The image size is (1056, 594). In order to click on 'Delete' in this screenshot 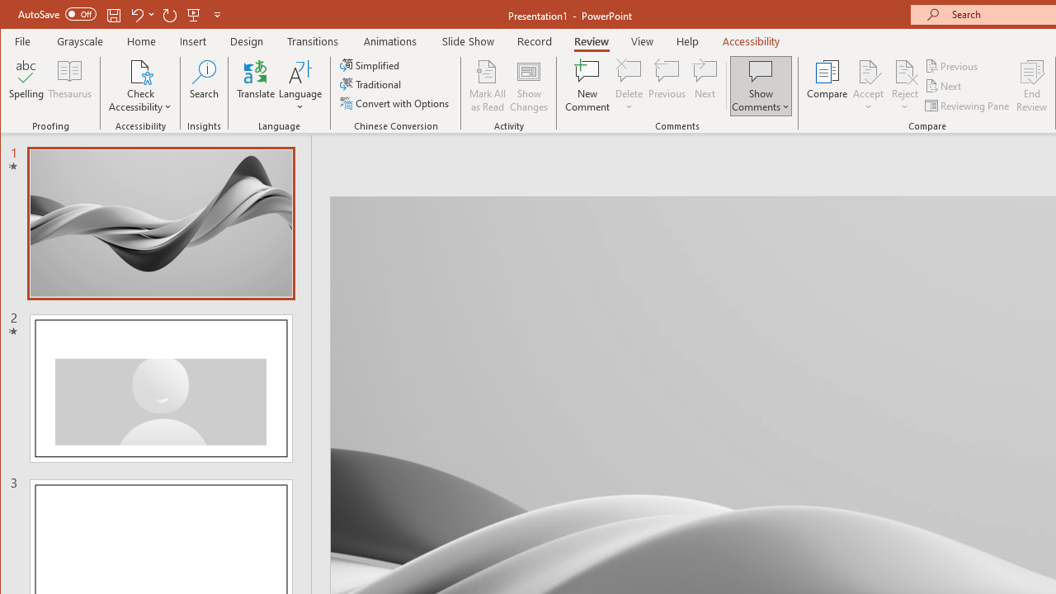, I will do `click(628, 70)`.